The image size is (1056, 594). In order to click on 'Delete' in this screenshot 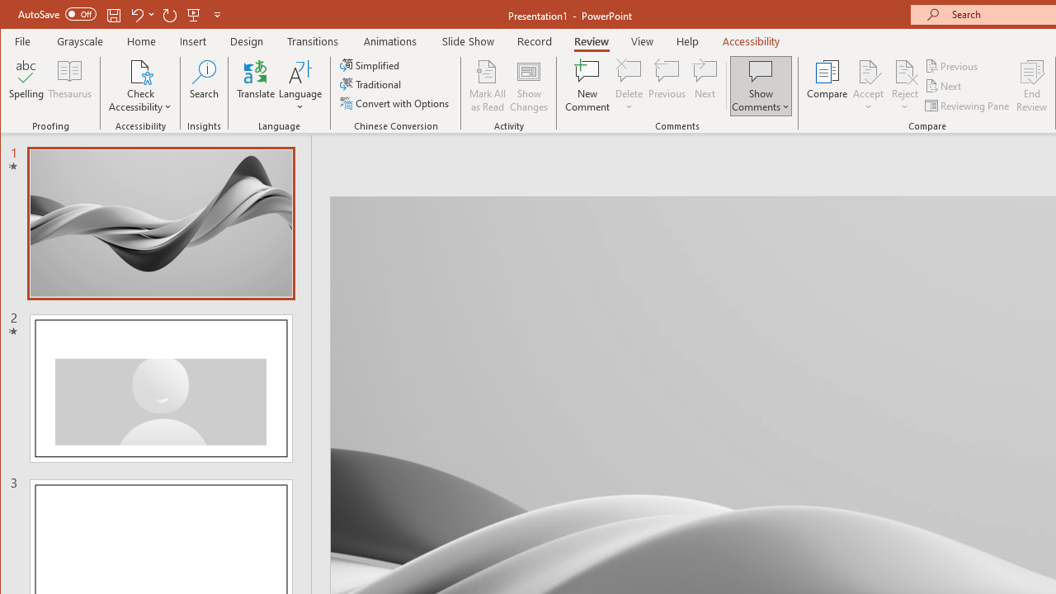, I will do `click(628, 70)`.